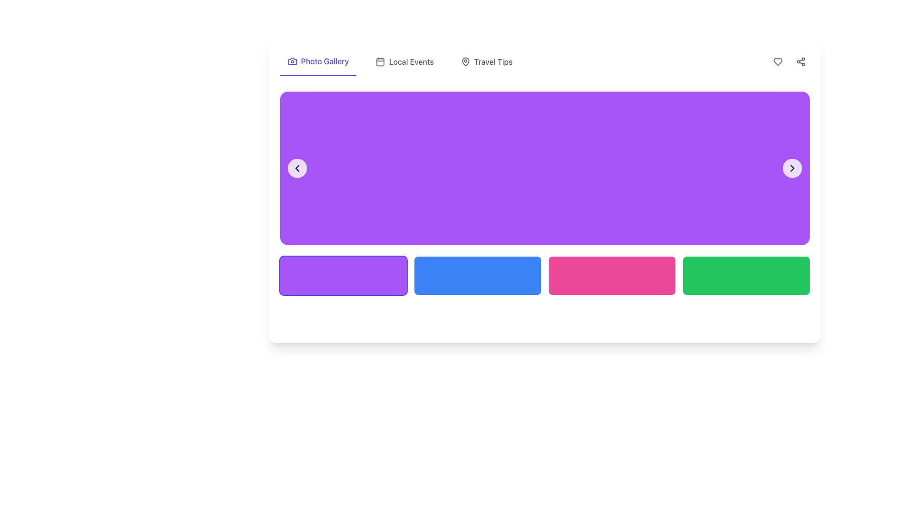 This screenshot has width=921, height=518. Describe the element at coordinates (792, 168) in the screenshot. I see `the Chevron icon located at the right side of a large purple panel in the navigation control system for visual feedback` at that location.